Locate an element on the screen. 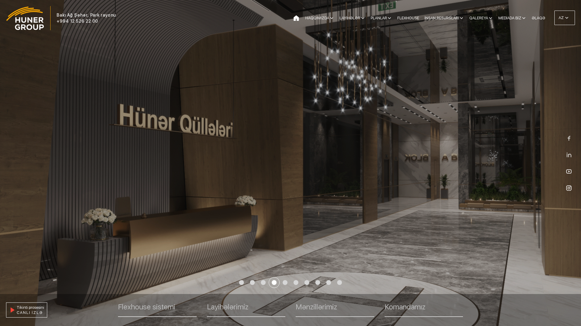  '8' is located at coordinates (317, 283).